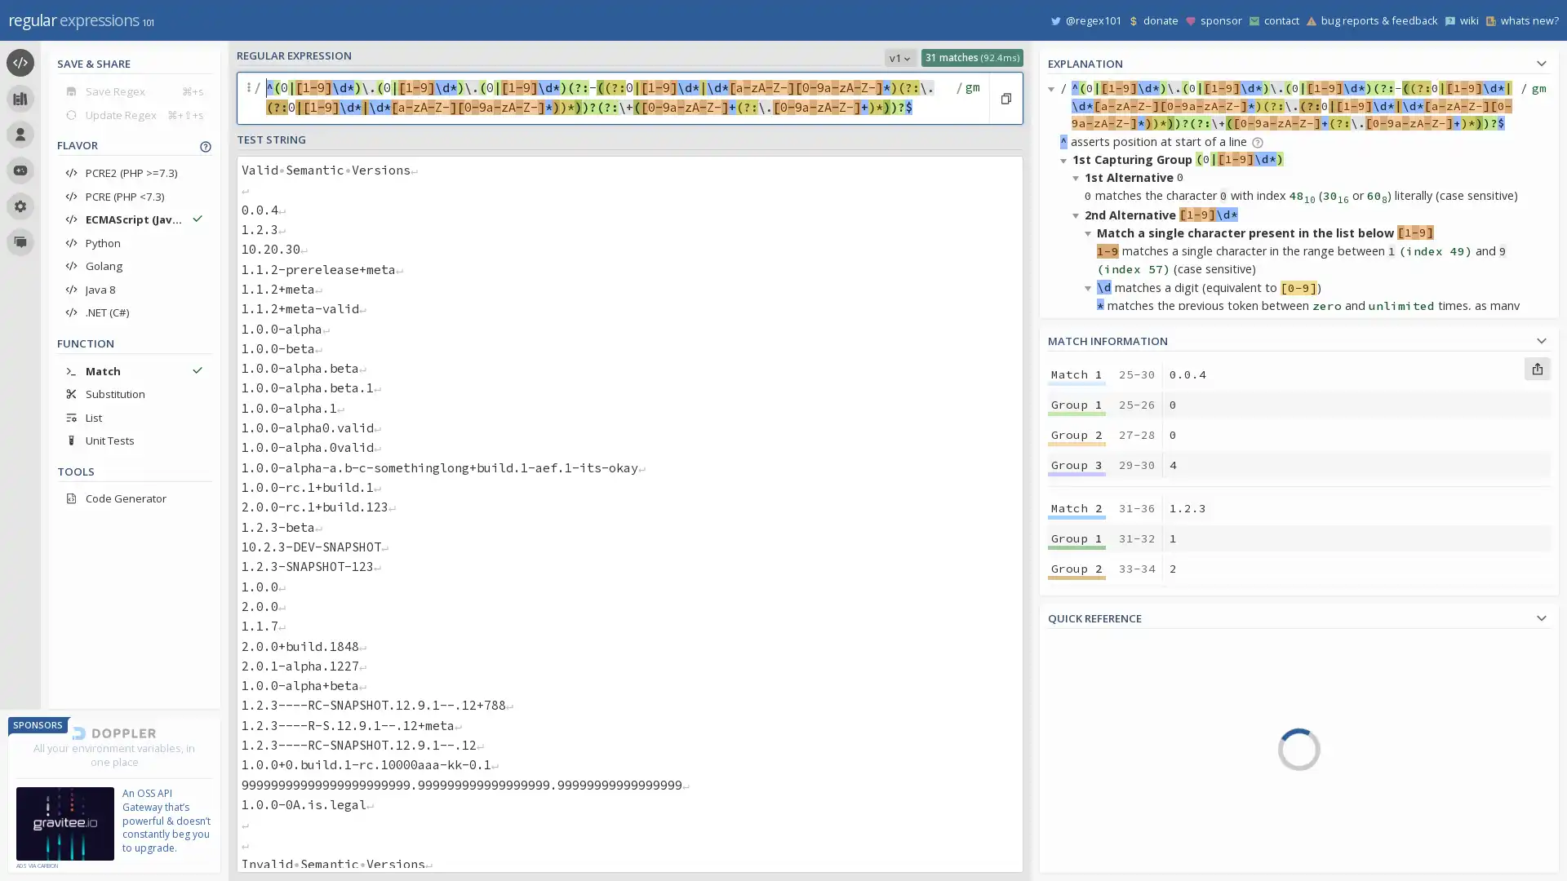  I want to click on Any whitespace character \s, so click(1380, 808).